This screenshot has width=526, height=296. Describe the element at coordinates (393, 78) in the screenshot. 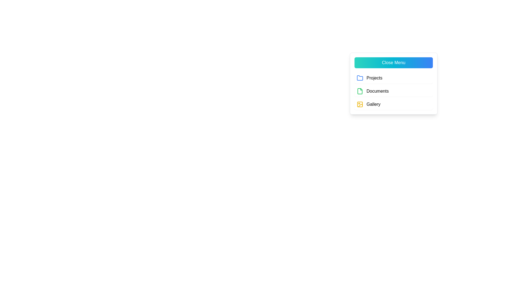

I see `the 'Projects' menu item` at that location.